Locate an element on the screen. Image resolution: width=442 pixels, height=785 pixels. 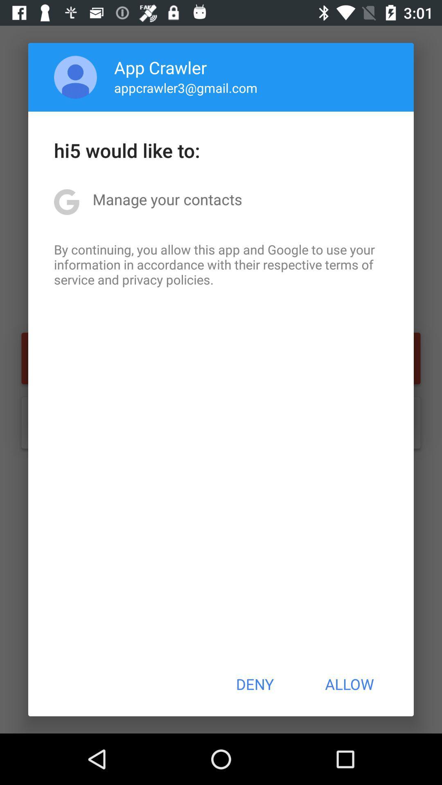
the manage your contacts icon is located at coordinates (167, 199).